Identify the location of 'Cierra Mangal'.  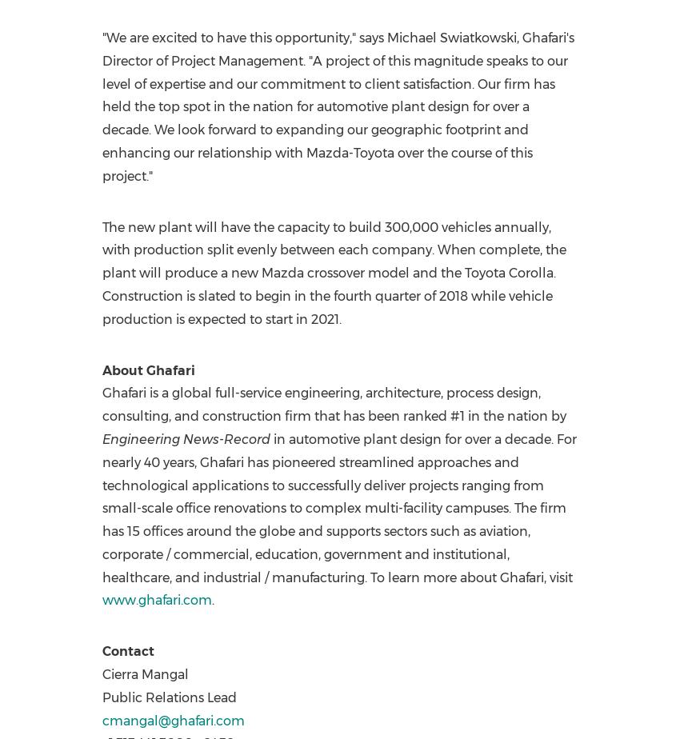
(100, 674).